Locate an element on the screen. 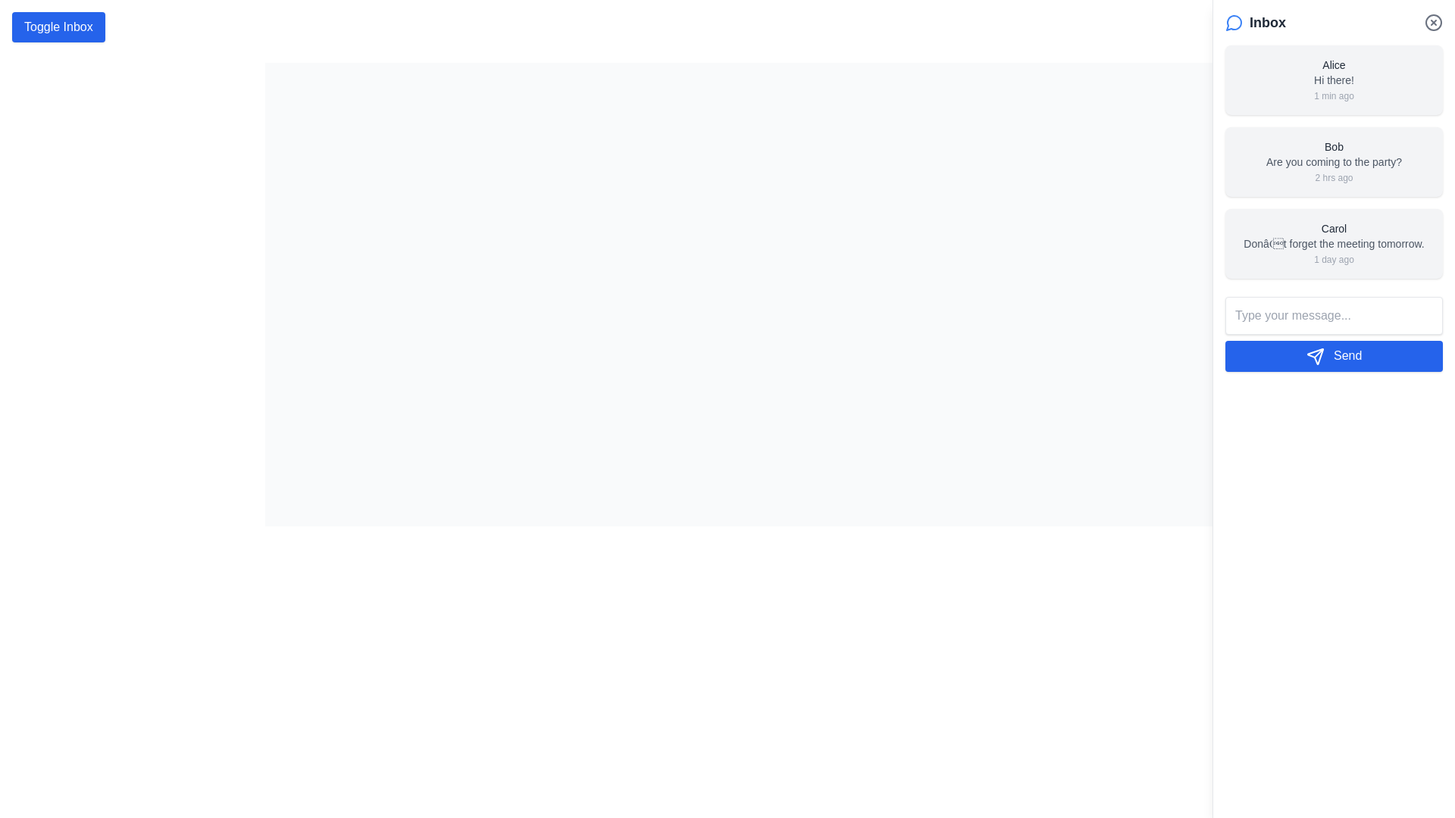 This screenshot has width=1455, height=818. the static text label indicating the sender of the first message in the inbox panel, located at the top of its message block above the text 'Hi there!' and timestamp '1 min ago' is located at coordinates (1334, 64).